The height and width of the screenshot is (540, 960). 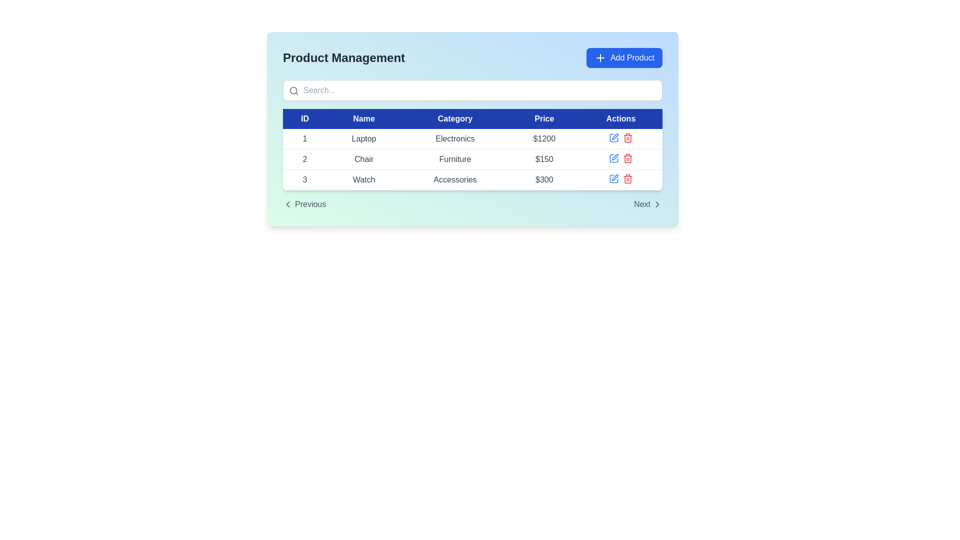 What do you see at coordinates (613, 157) in the screenshot?
I see `the edit button located in the first position of the 'Actions' column in the second row of the table to initiate an edit action` at bounding box center [613, 157].